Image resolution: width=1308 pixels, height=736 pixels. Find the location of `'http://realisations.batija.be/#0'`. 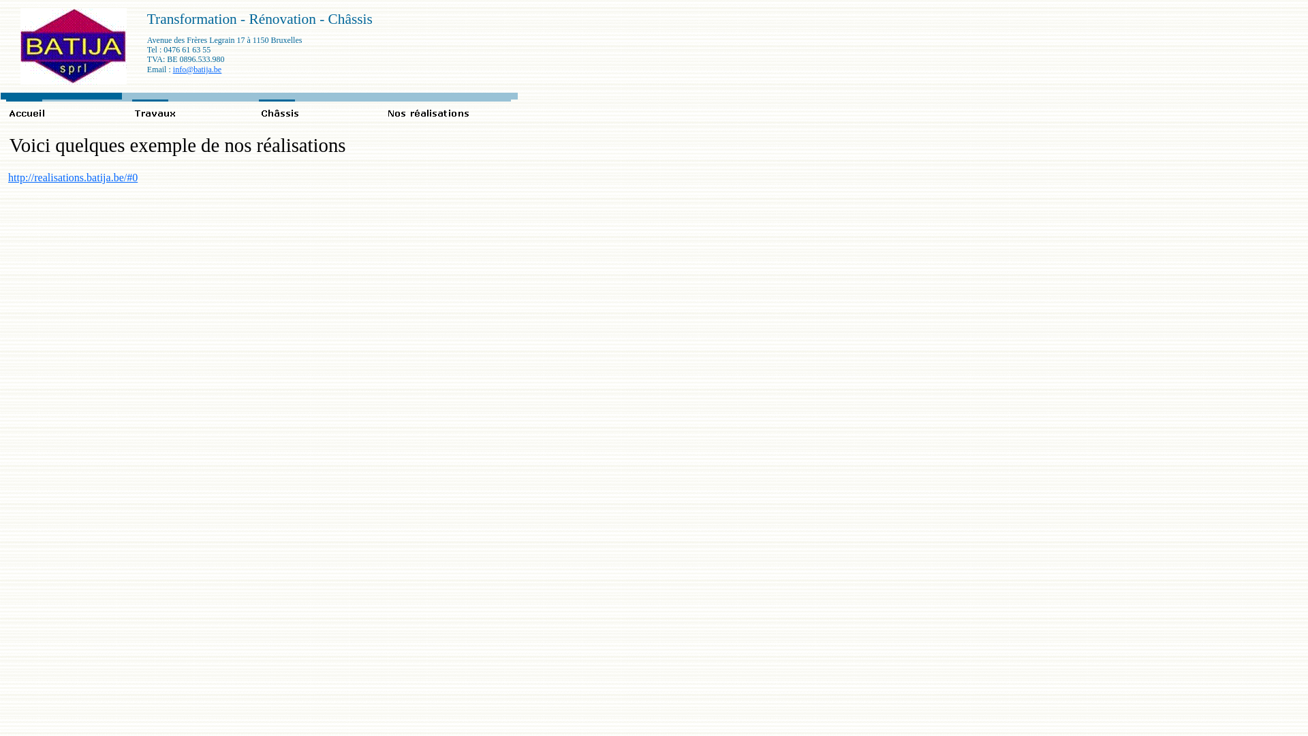

'http://realisations.batija.be/#0' is located at coordinates (72, 177).